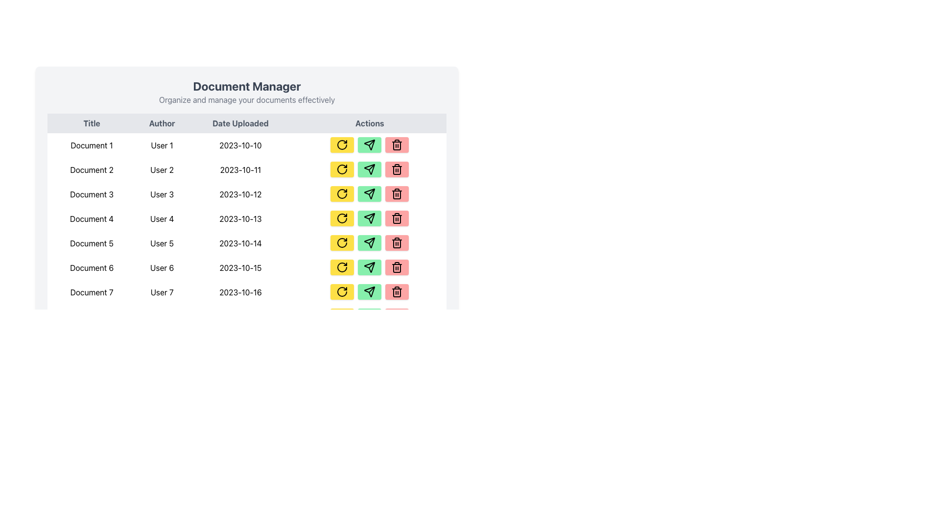 Image resolution: width=940 pixels, height=529 pixels. I want to click on the paper airplane icon with a green background in the 'Actions' column for 'Document 4', so click(369, 218).